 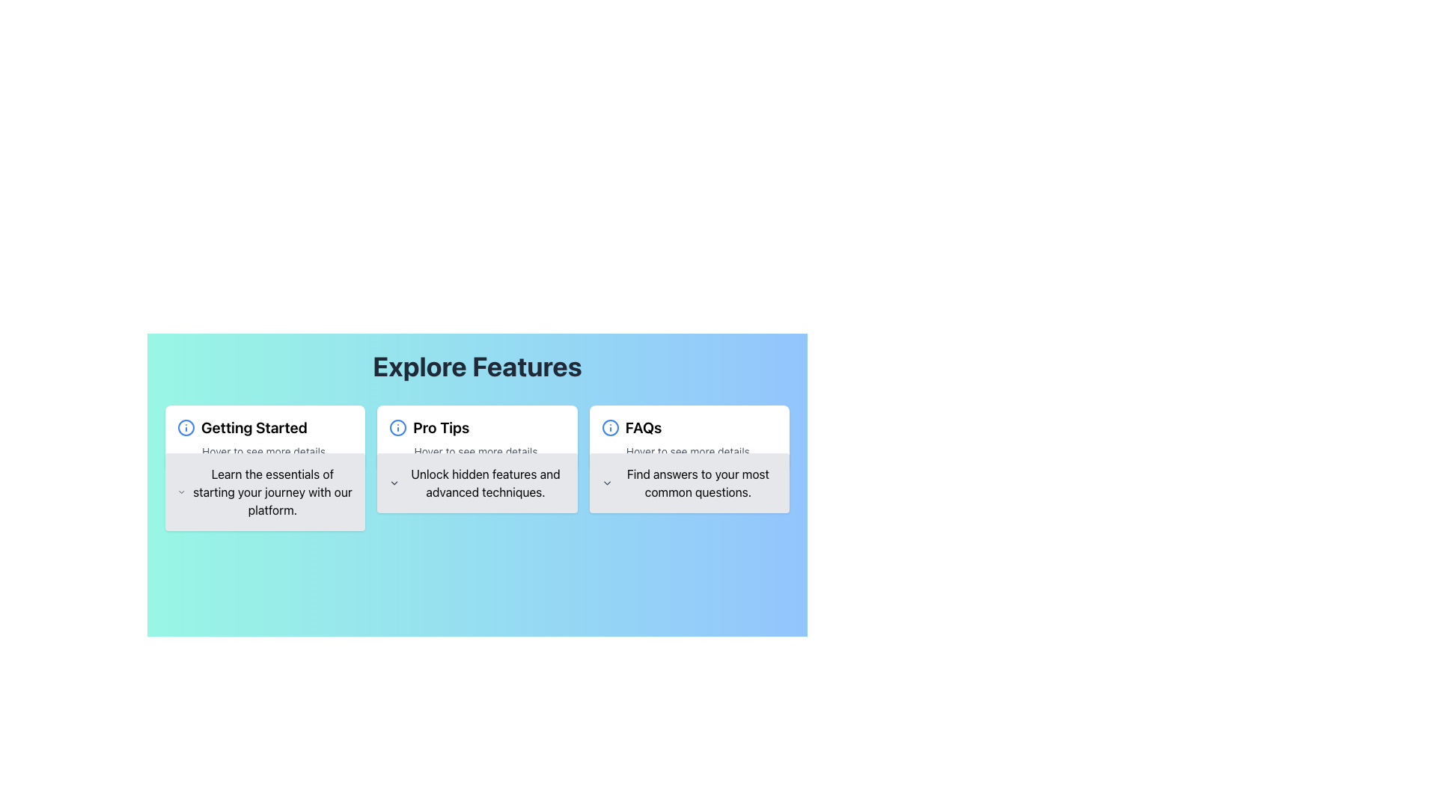 What do you see at coordinates (265, 451) in the screenshot?
I see `the Text Label located within the first card under the header 'Explore Features', positioned below 'Getting Started' and above 'Learn the essentials of starting your journey with our platform'` at bounding box center [265, 451].